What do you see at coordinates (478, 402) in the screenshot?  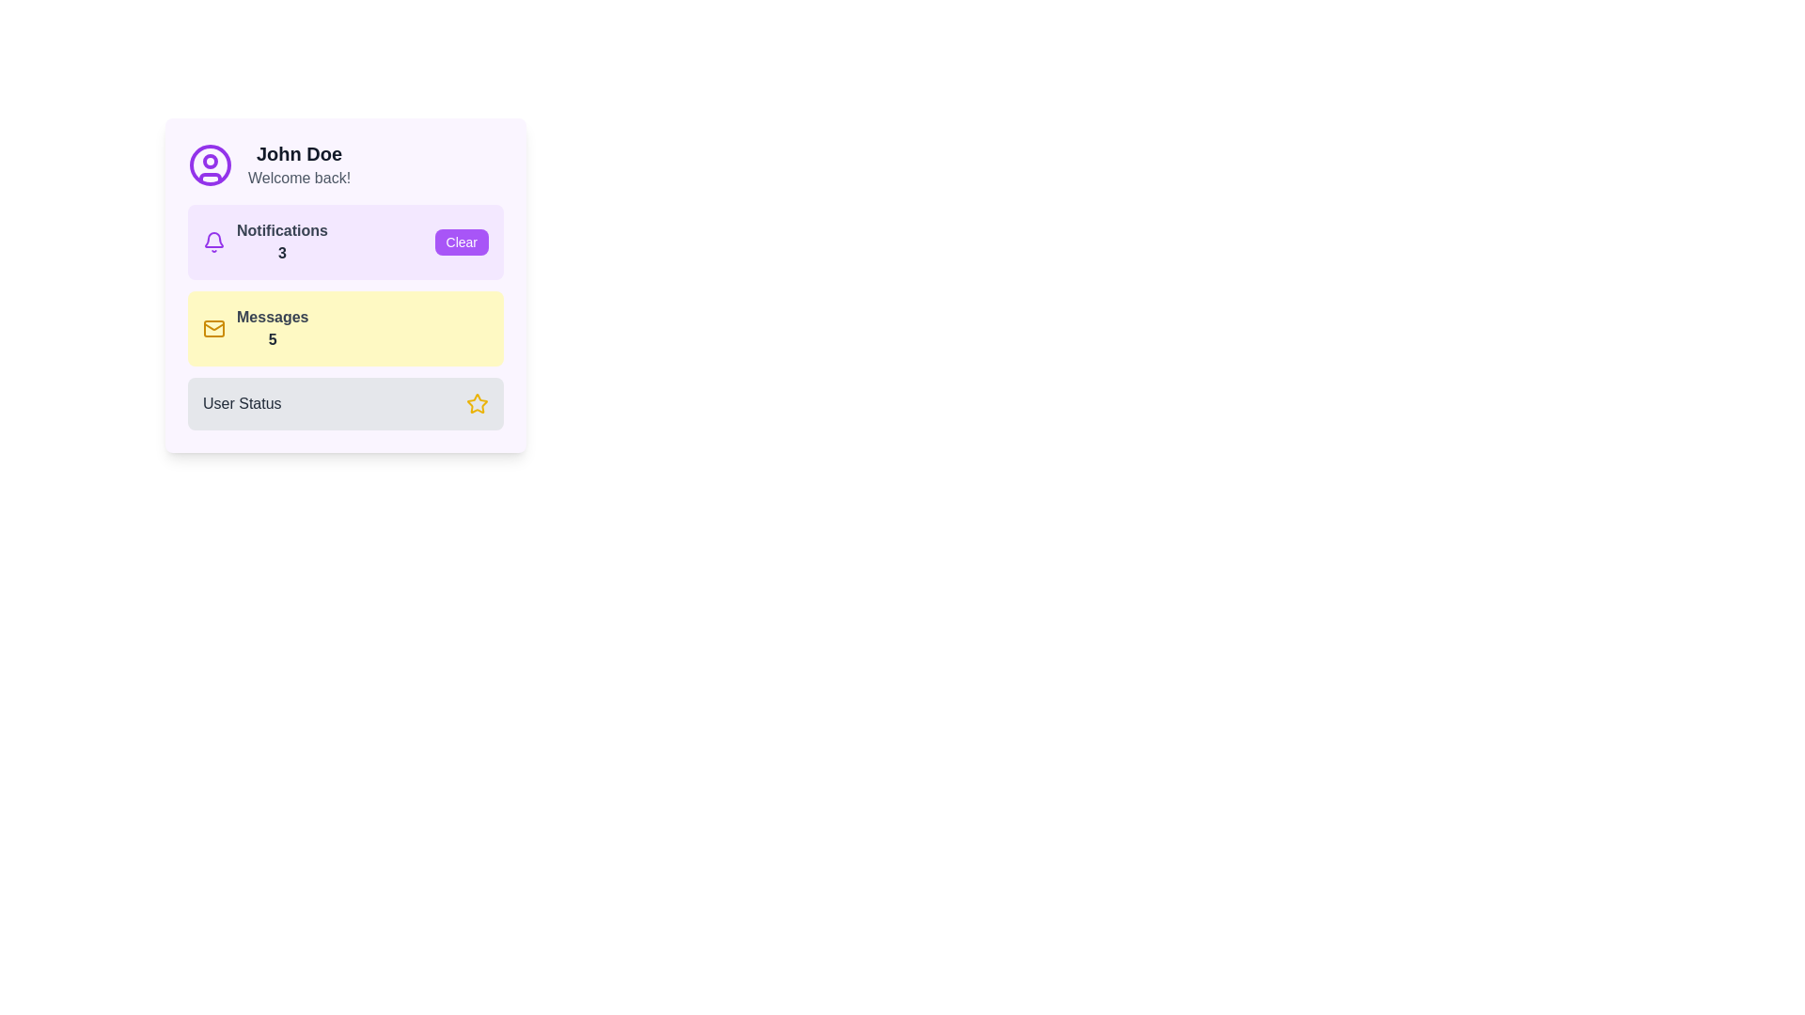 I see `the star icon representing a status or rating, located at the bottom of the user interface card in the 'User Status' area` at bounding box center [478, 402].